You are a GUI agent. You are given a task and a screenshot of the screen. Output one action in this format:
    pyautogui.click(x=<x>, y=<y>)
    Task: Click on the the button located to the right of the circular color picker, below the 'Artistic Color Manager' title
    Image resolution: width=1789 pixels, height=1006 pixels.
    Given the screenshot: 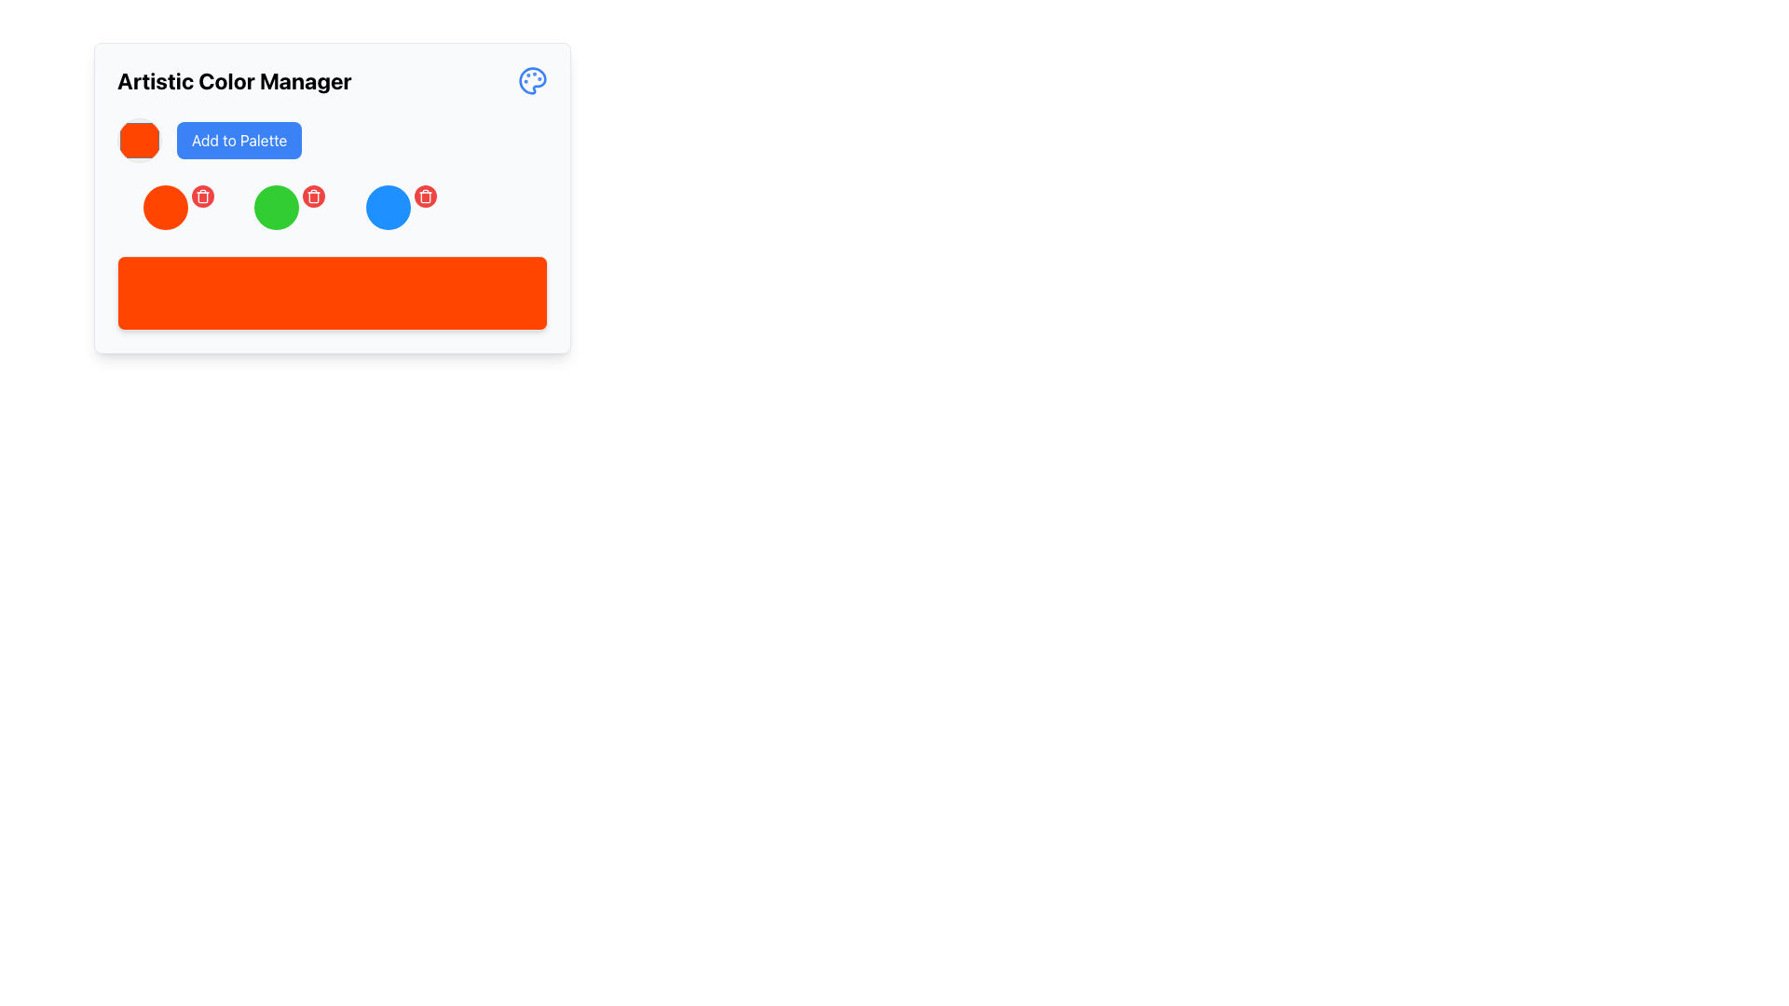 What is the action you would take?
    pyautogui.click(x=239, y=139)
    